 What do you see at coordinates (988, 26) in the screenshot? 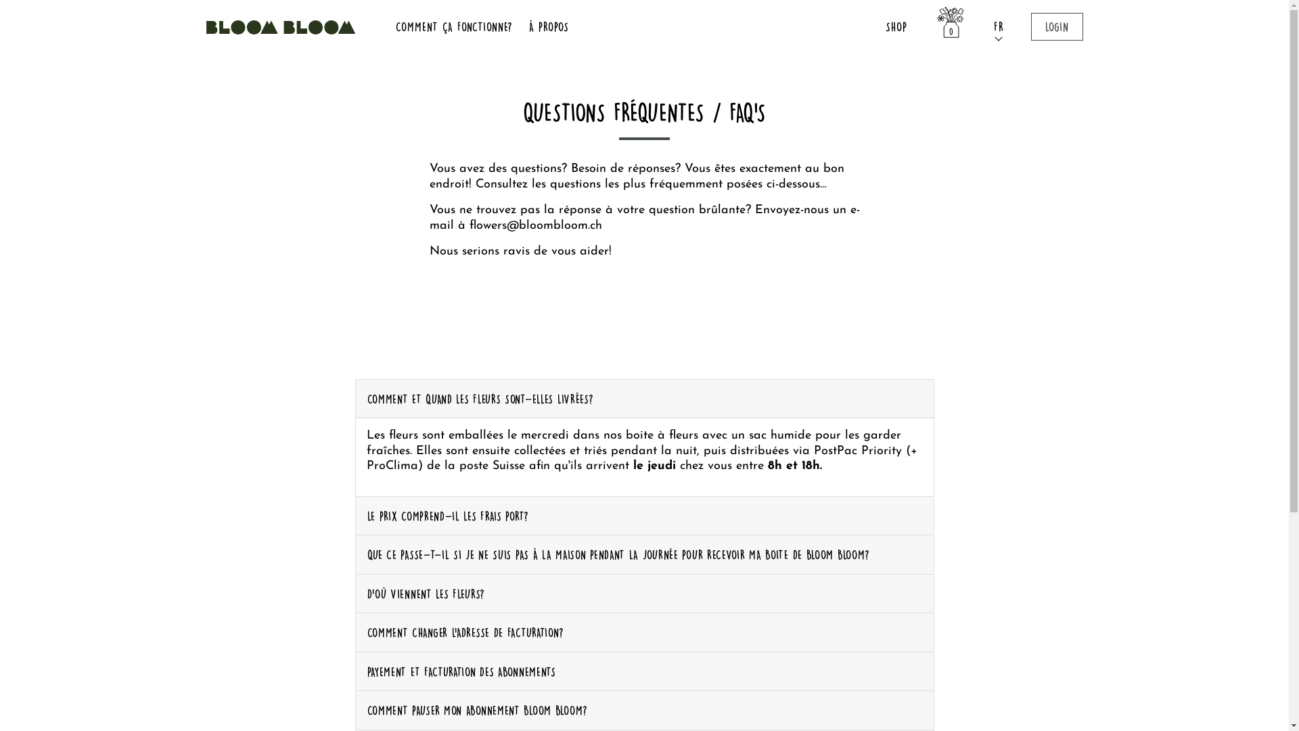
I see `'FR'` at bounding box center [988, 26].